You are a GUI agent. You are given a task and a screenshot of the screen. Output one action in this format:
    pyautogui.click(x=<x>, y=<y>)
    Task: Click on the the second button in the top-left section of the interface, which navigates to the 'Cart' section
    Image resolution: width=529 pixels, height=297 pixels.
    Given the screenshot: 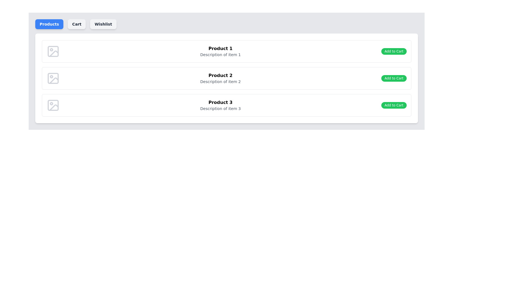 What is the action you would take?
    pyautogui.click(x=76, y=24)
    